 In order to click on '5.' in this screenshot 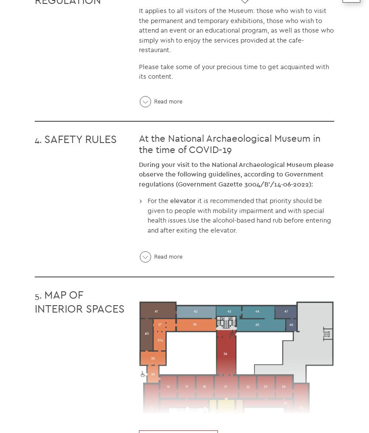, I will do `click(39, 295)`.